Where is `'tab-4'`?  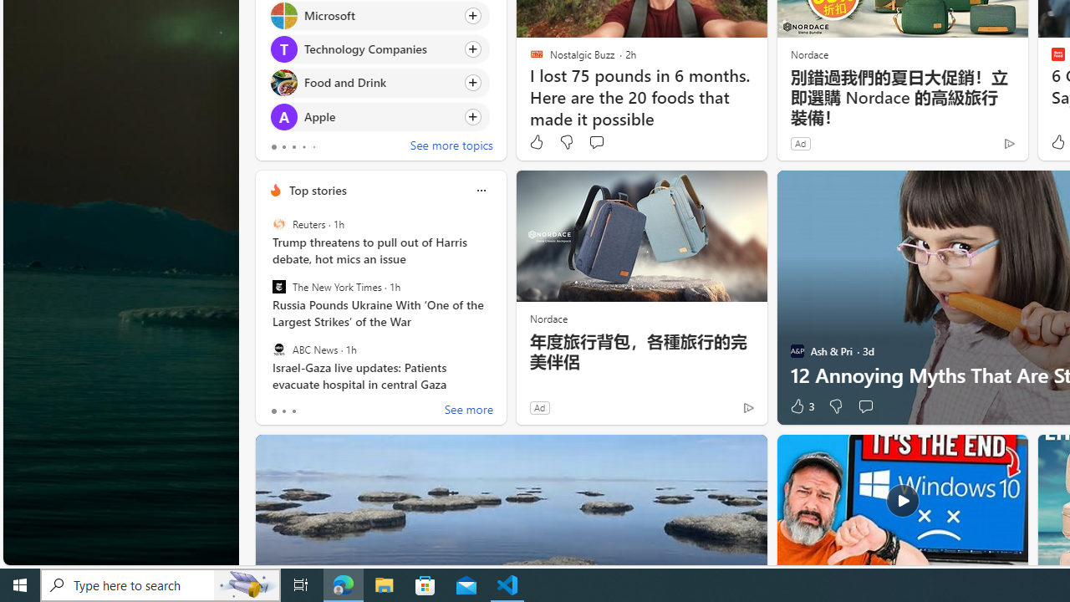
'tab-4' is located at coordinates (313, 146).